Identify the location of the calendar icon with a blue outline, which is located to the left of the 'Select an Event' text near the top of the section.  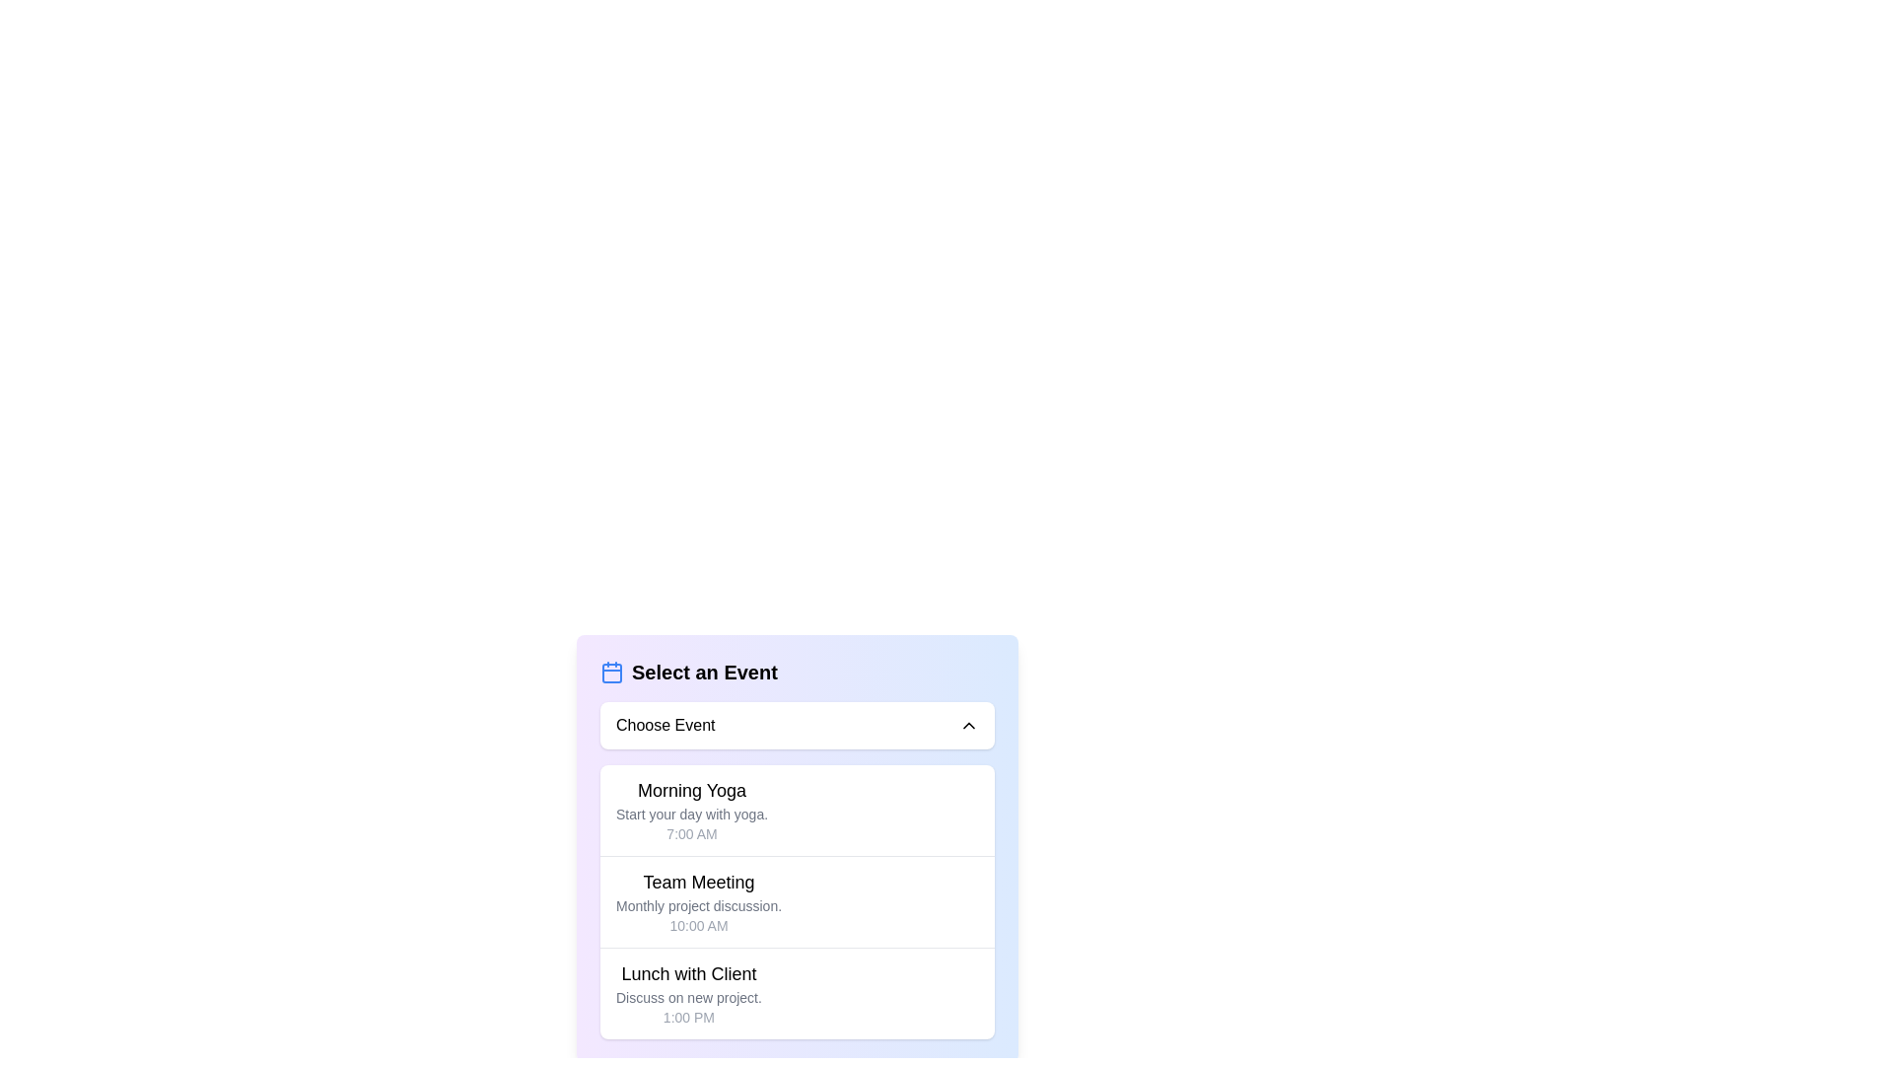
(610, 672).